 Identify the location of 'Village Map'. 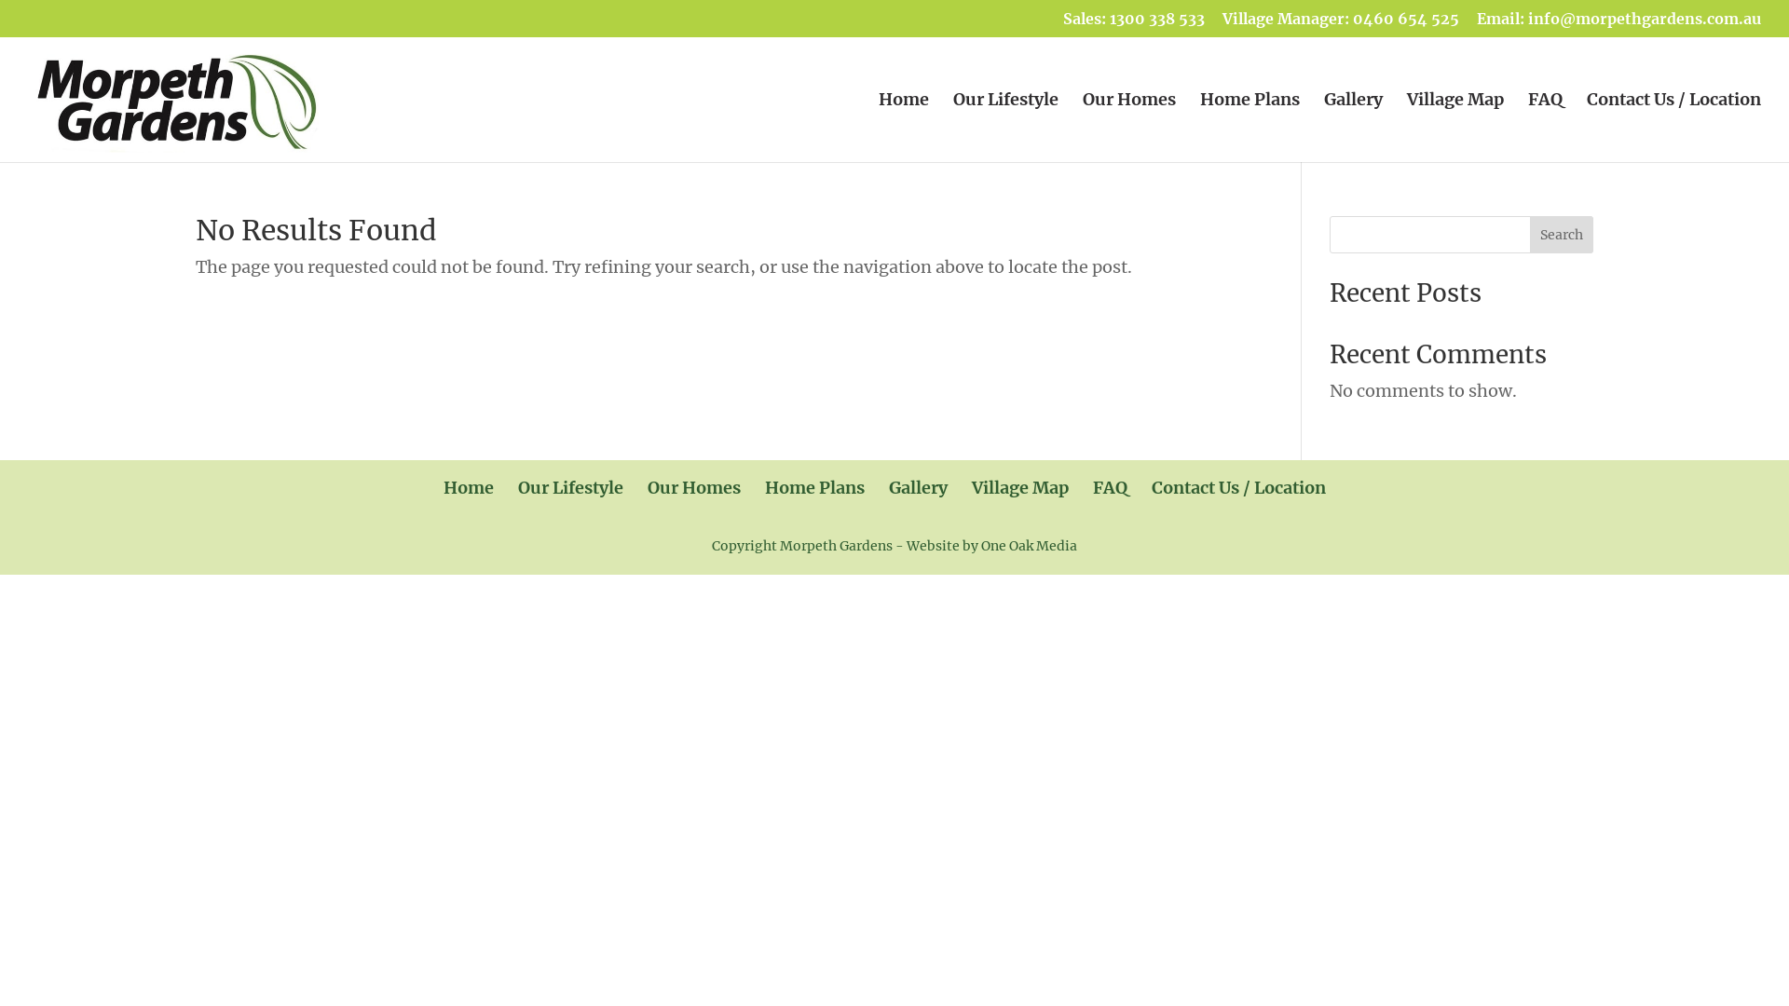
(1454, 127).